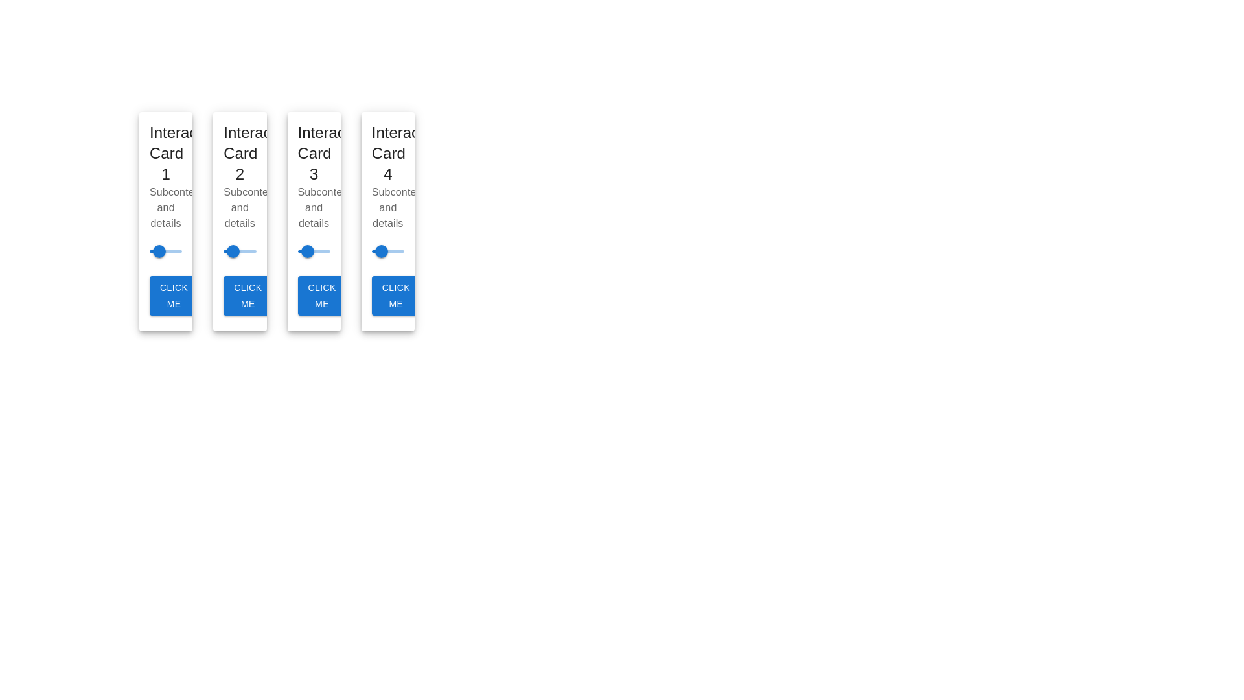 The image size is (1244, 700). What do you see at coordinates (240, 251) in the screenshot?
I see `the slider contained in 'Interactive Card 2'` at bounding box center [240, 251].